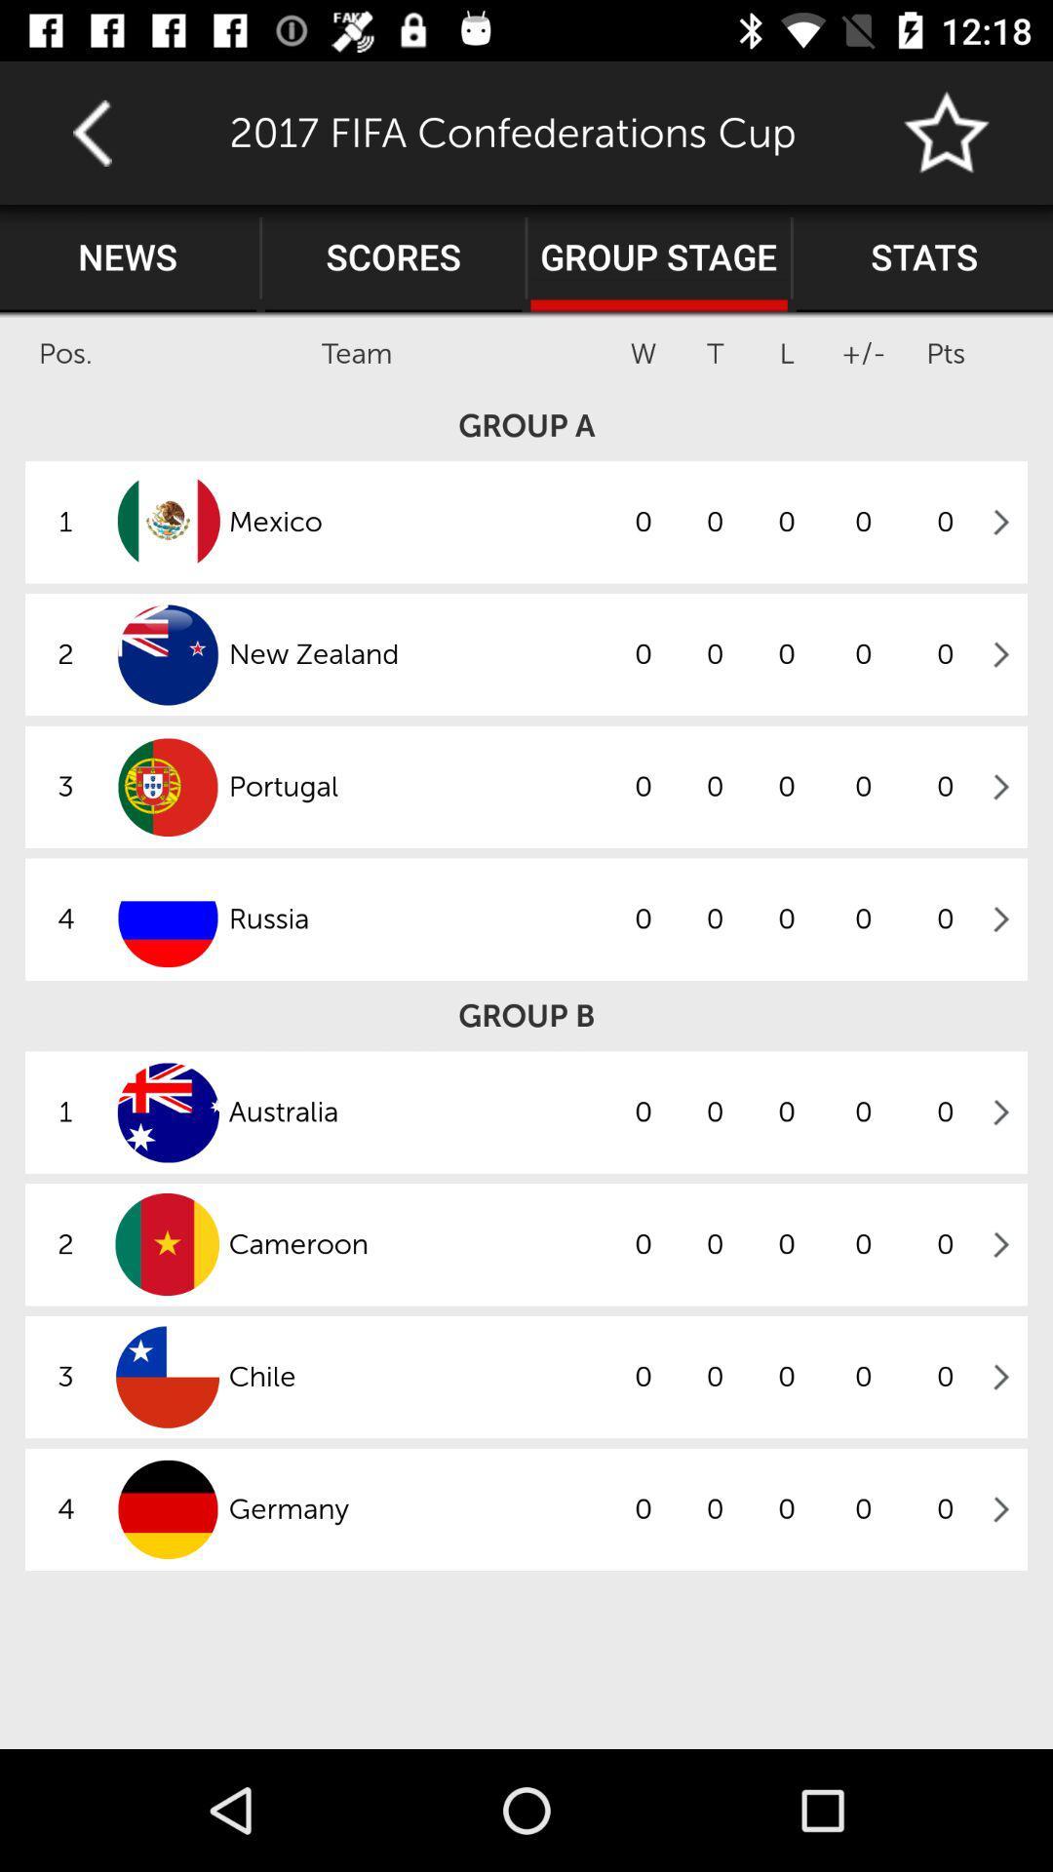  Describe the element at coordinates (947, 132) in the screenshot. I see `icon next to 2017 fifa confederations` at that location.